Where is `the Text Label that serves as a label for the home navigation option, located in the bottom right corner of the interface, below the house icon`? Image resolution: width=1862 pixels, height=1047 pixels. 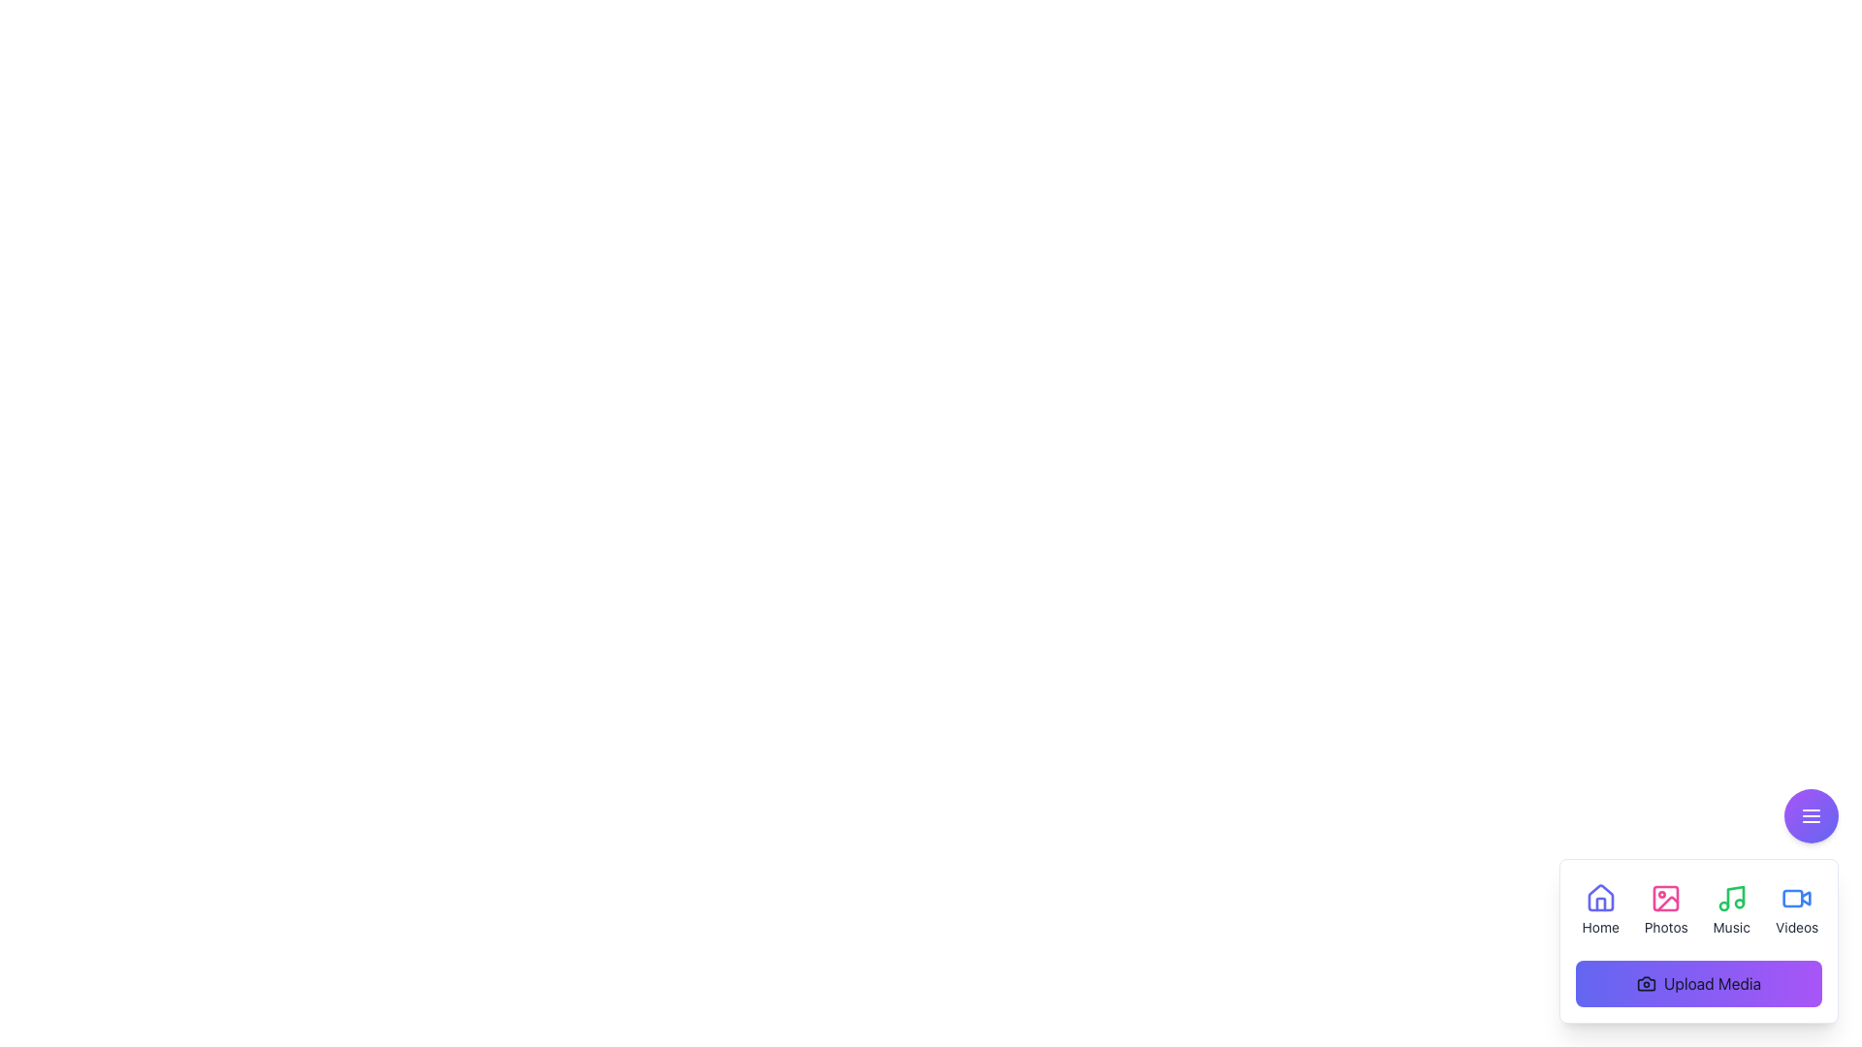 the Text Label that serves as a label for the home navigation option, located in the bottom right corner of the interface, below the house icon is located at coordinates (1600, 926).